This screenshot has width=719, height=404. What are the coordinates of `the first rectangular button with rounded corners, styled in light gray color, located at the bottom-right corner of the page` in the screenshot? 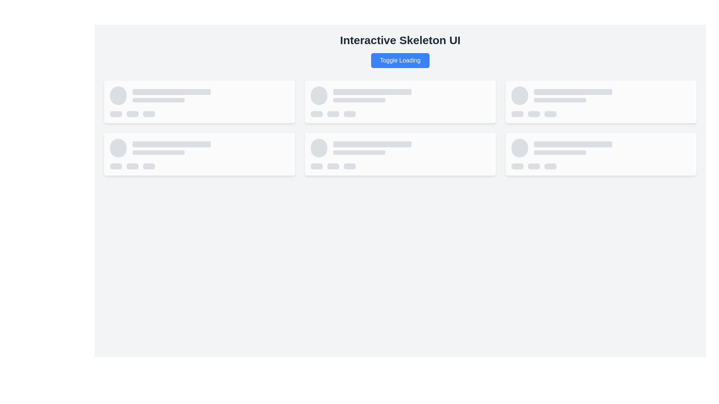 It's located at (517, 166).